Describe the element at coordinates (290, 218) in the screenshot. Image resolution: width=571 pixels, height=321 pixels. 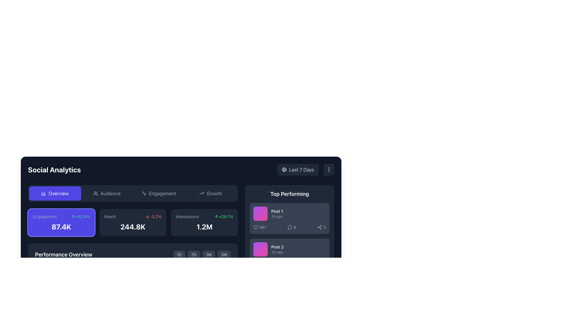
I see `the first post summary card` at that location.